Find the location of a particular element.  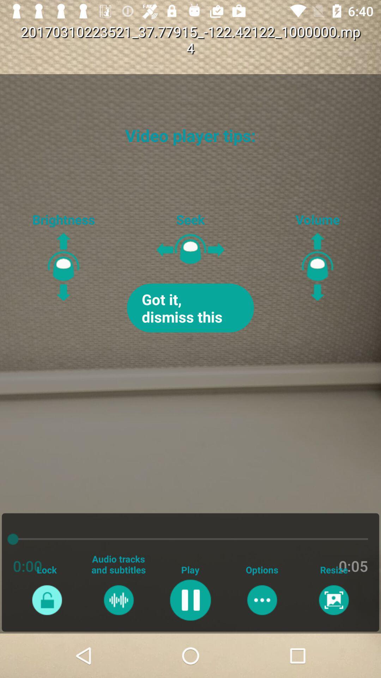

the lock icon is located at coordinates (47, 600).